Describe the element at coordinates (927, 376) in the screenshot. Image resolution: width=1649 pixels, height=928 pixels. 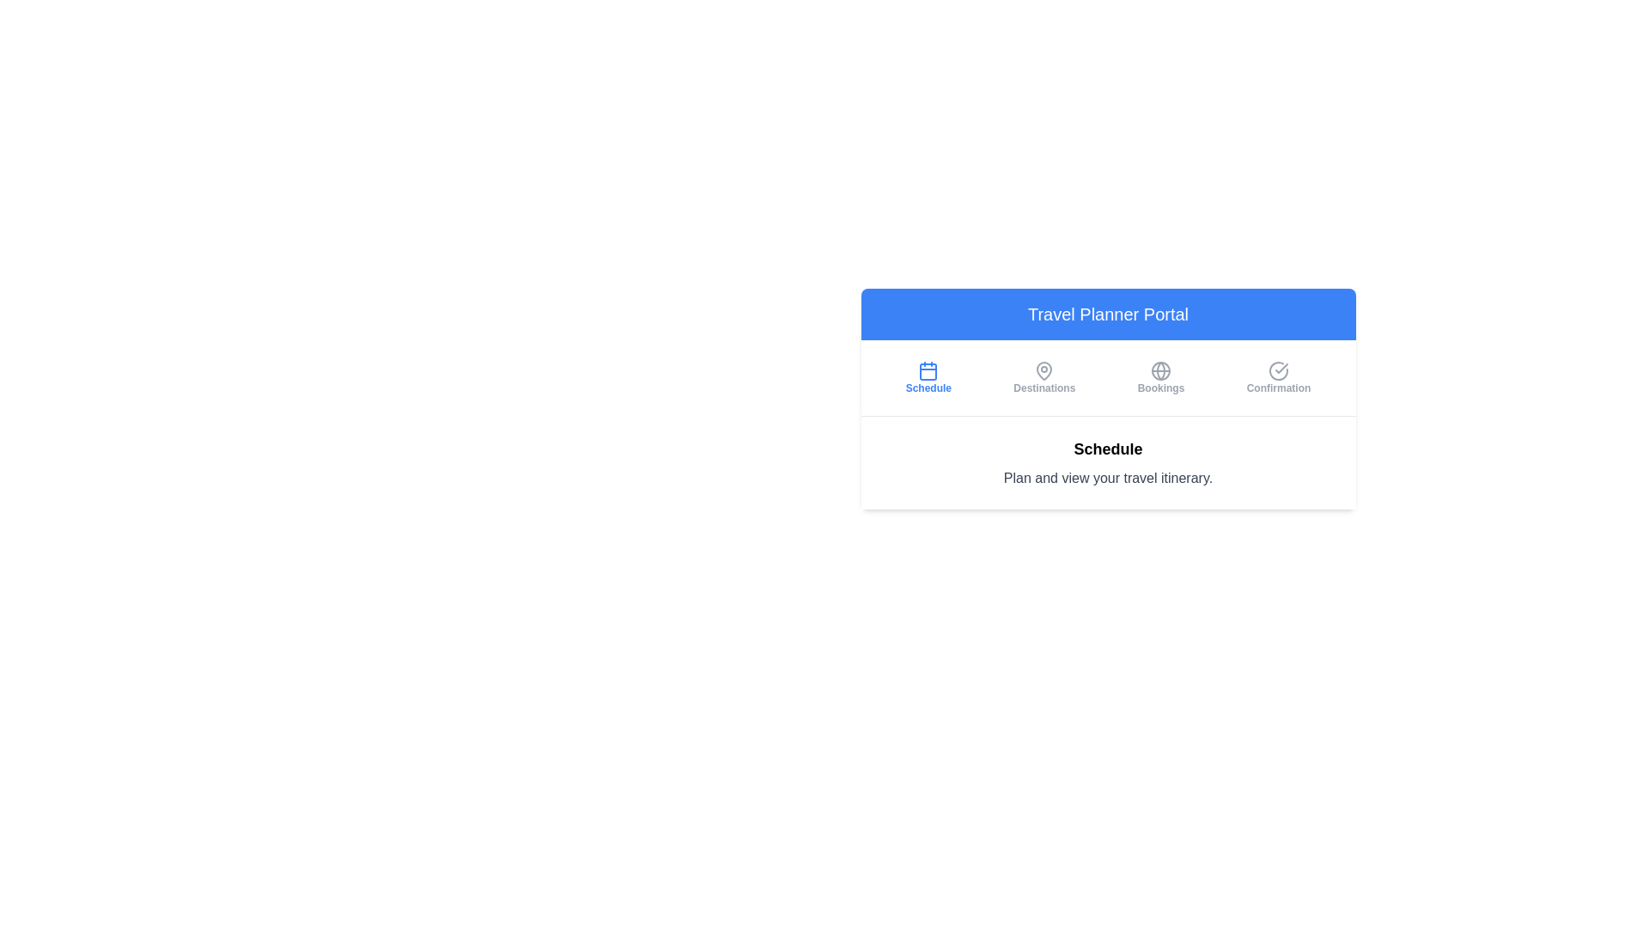
I see `the 'Schedule' tab` at that location.